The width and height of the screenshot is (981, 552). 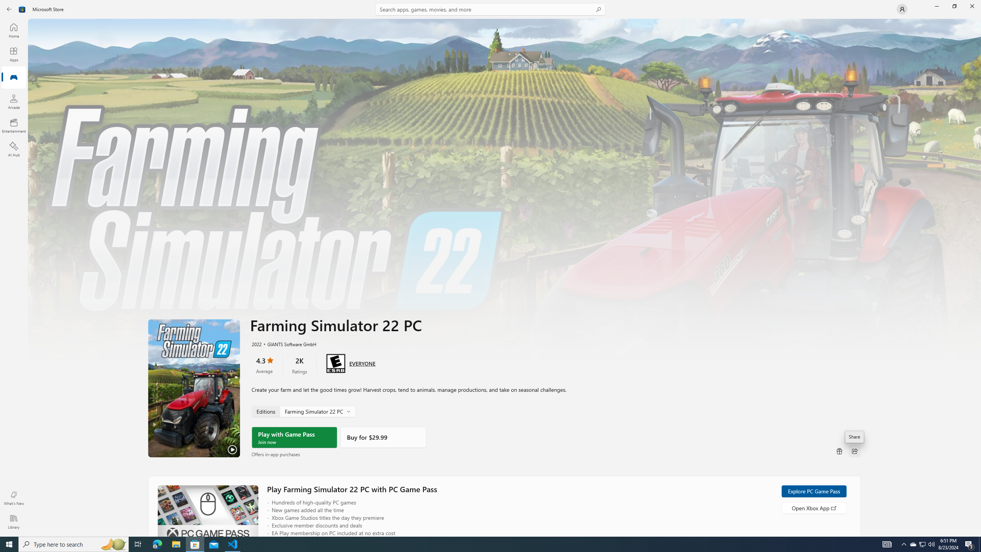 What do you see at coordinates (256, 343) in the screenshot?
I see `'2022'` at bounding box center [256, 343].